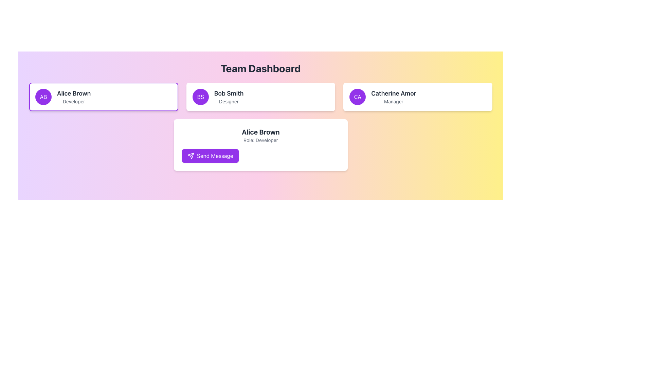 This screenshot has height=366, width=652. Describe the element at coordinates (229, 94) in the screenshot. I see `the text element that identifies the user as 'Bob Smith', located at the top center of the card, above the text 'Designer'` at that location.